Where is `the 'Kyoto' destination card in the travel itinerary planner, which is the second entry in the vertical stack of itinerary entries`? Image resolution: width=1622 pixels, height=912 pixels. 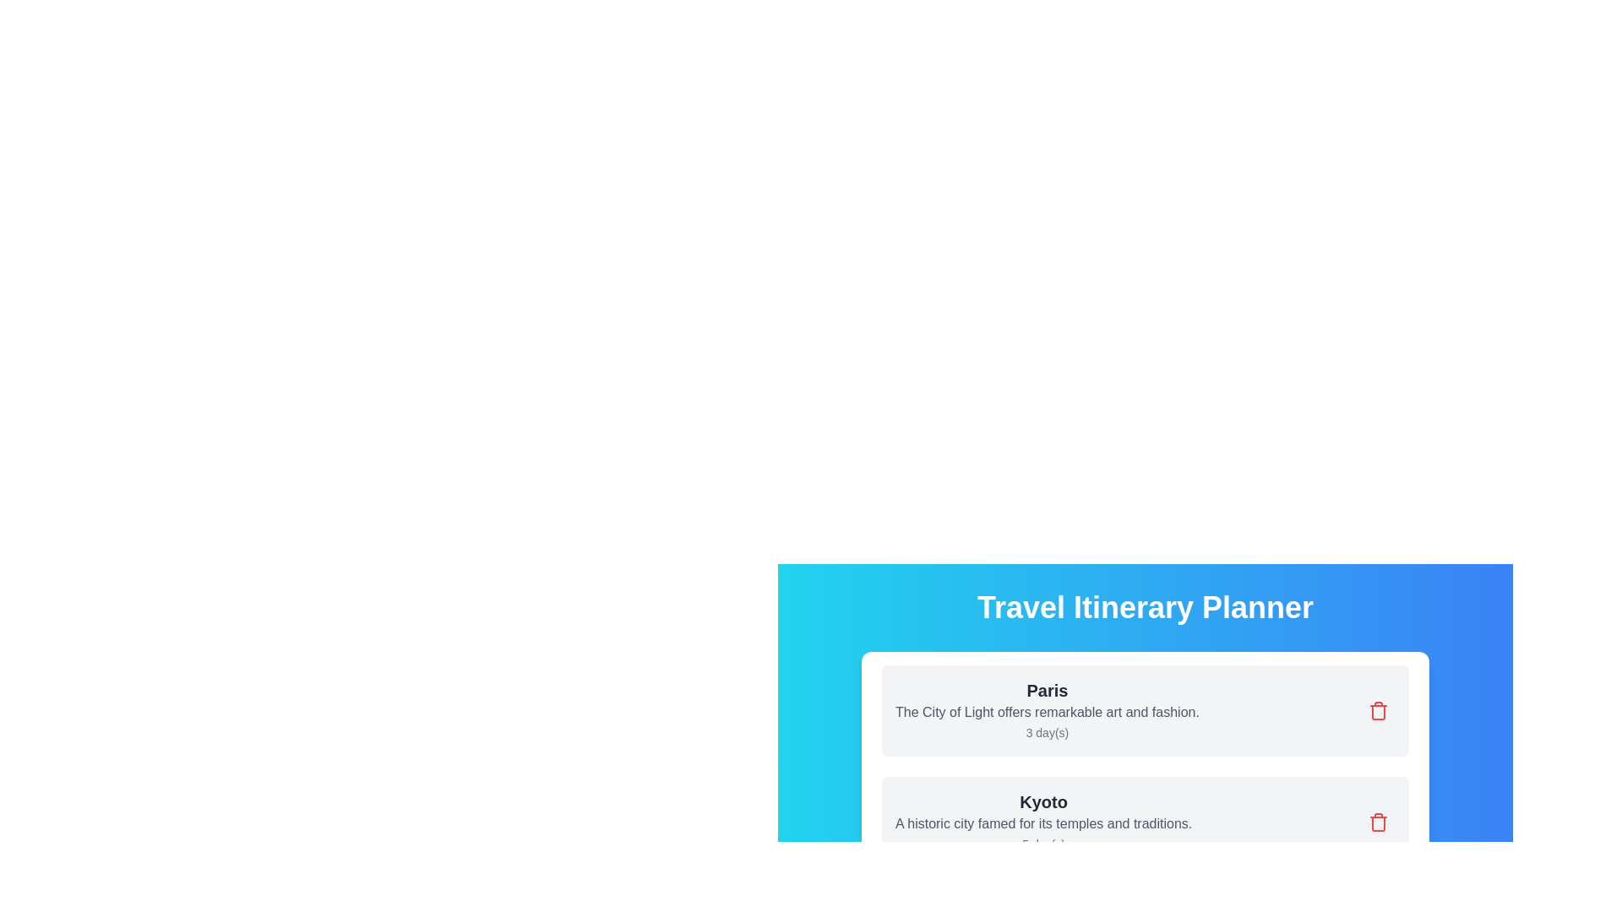
the 'Kyoto' destination card in the travel itinerary planner, which is the second entry in the vertical stack of itinerary entries is located at coordinates (1146, 822).